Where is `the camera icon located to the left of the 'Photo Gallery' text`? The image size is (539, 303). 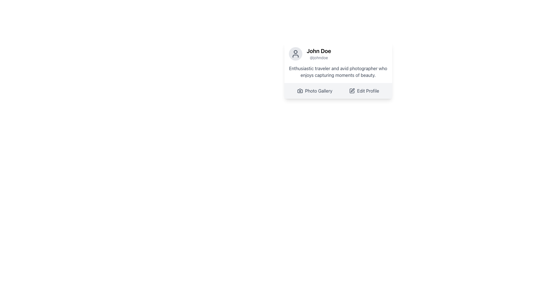 the camera icon located to the left of the 'Photo Gallery' text is located at coordinates (300, 91).